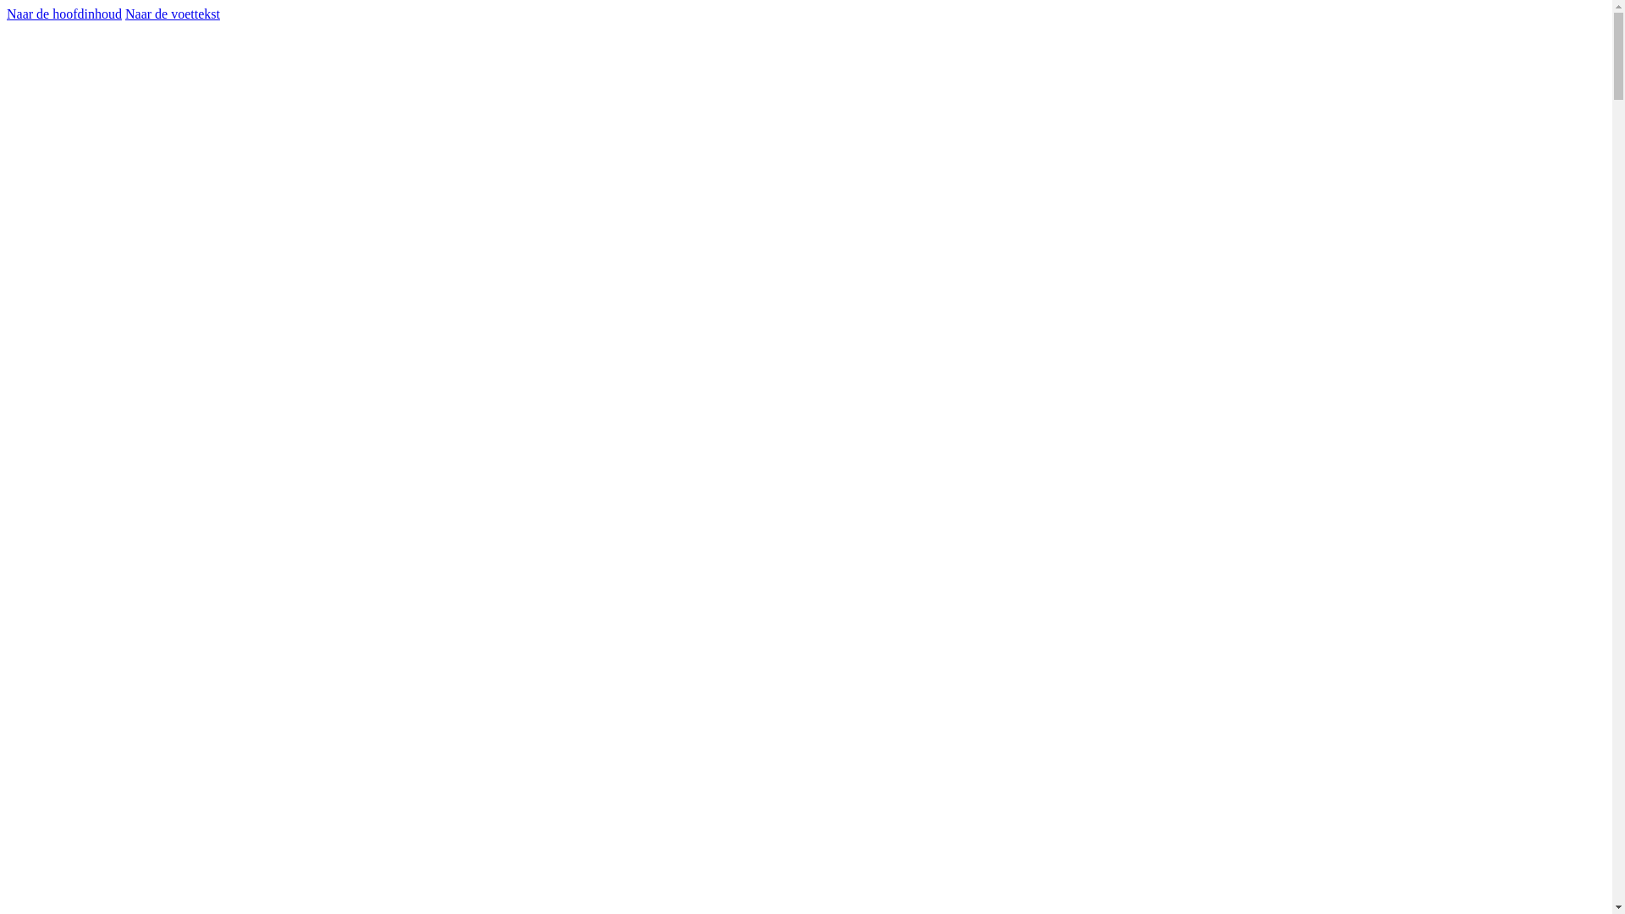 This screenshot has width=1625, height=914. What do you see at coordinates (124, 14) in the screenshot?
I see `'Naar de voettekst'` at bounding box center [124, 14].